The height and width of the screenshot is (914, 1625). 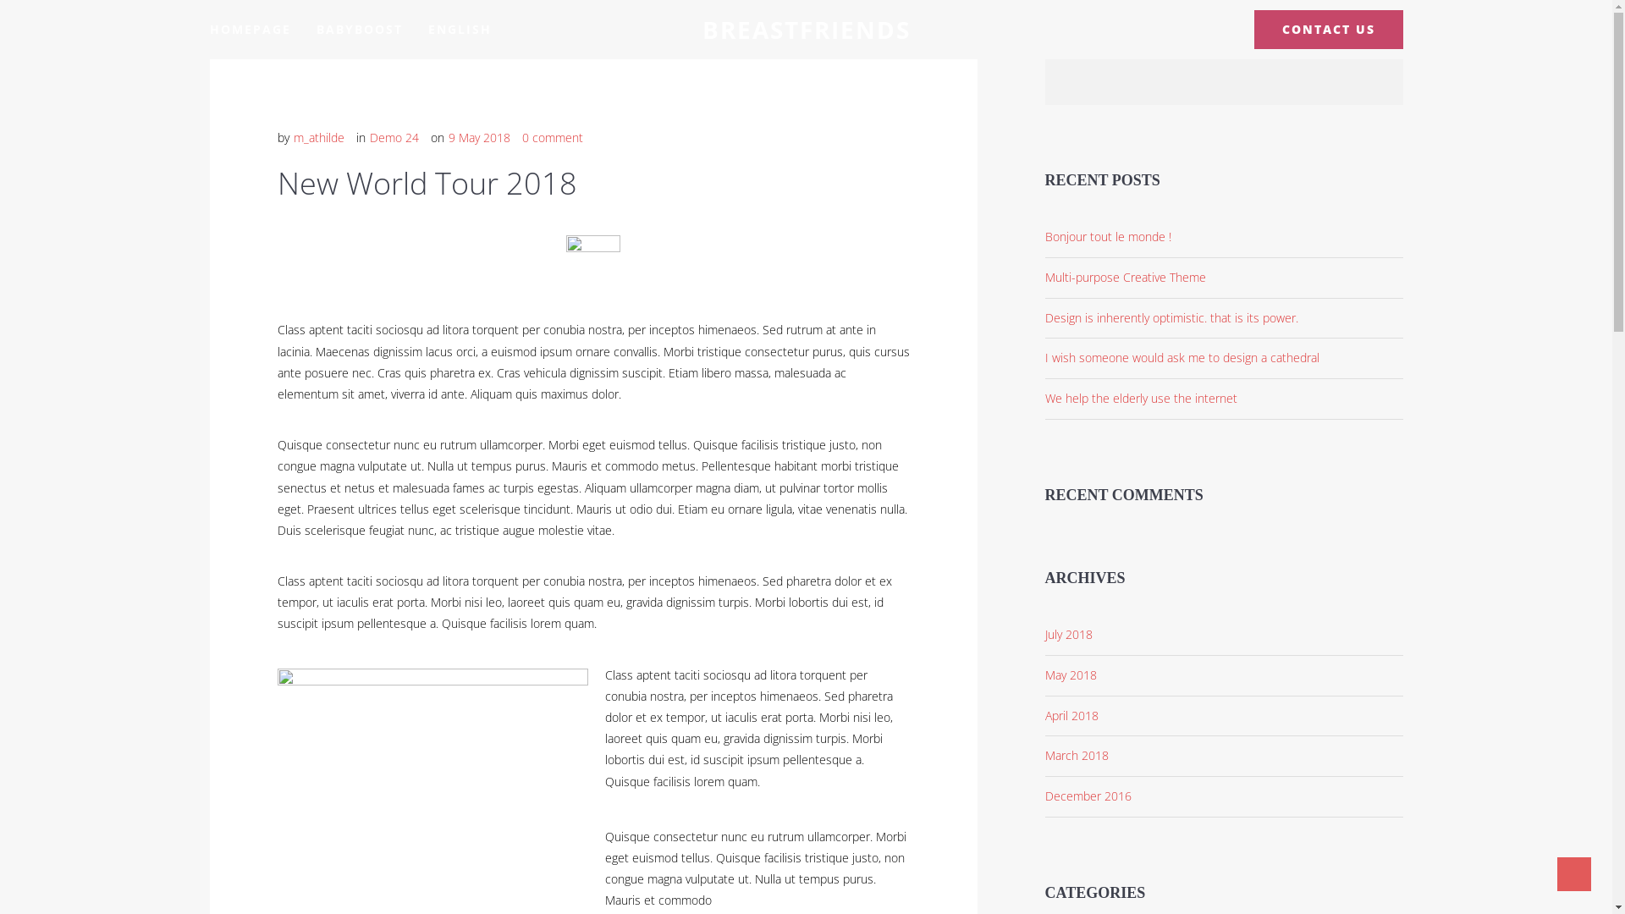 I want to click on 'BREASTFRIENDS', so click(x=806, y=29).